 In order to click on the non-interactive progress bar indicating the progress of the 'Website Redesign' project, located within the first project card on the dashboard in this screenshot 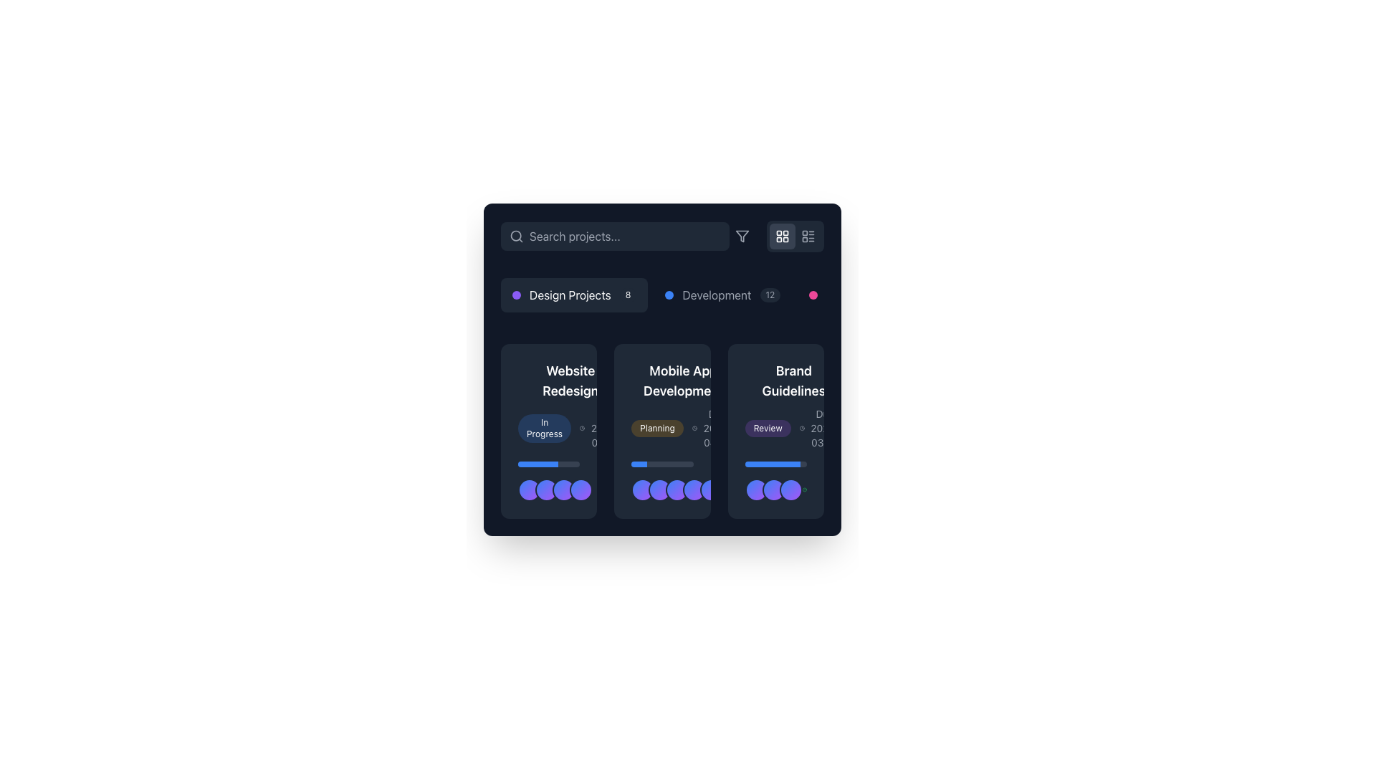, I will do `click(548, 464)`.